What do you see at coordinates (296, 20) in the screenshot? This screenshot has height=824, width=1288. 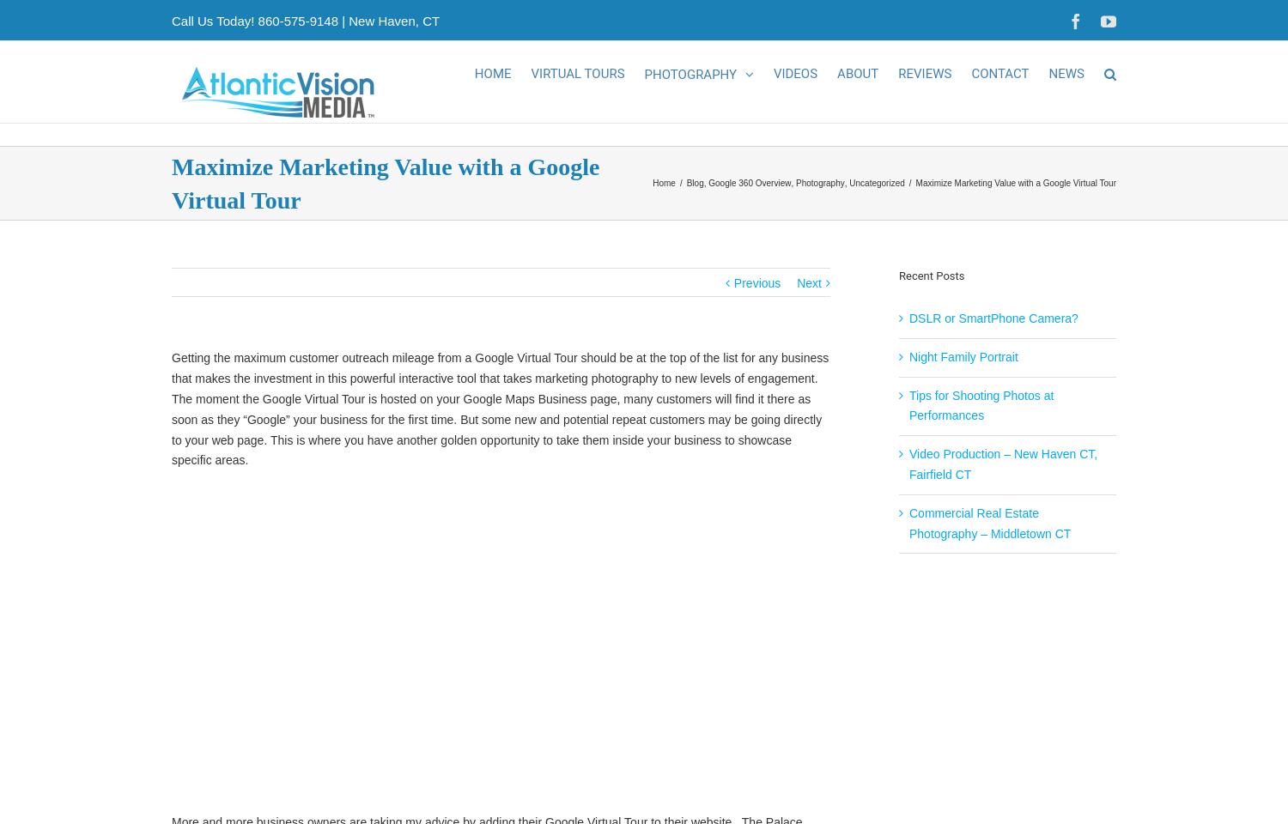 I see `'860-575-9148'` at bounding box center [296, 20].